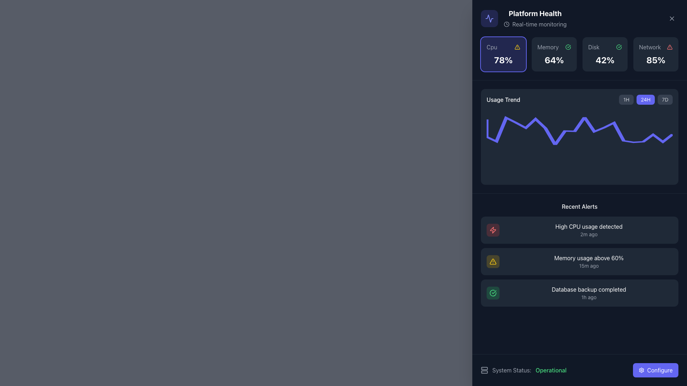 This screenshot has width=687, height=386. I want to click on the Polyline graphical representation within the 'Usage Trend' section of the interface, which visually represents data trends over time, so click(580, 131).